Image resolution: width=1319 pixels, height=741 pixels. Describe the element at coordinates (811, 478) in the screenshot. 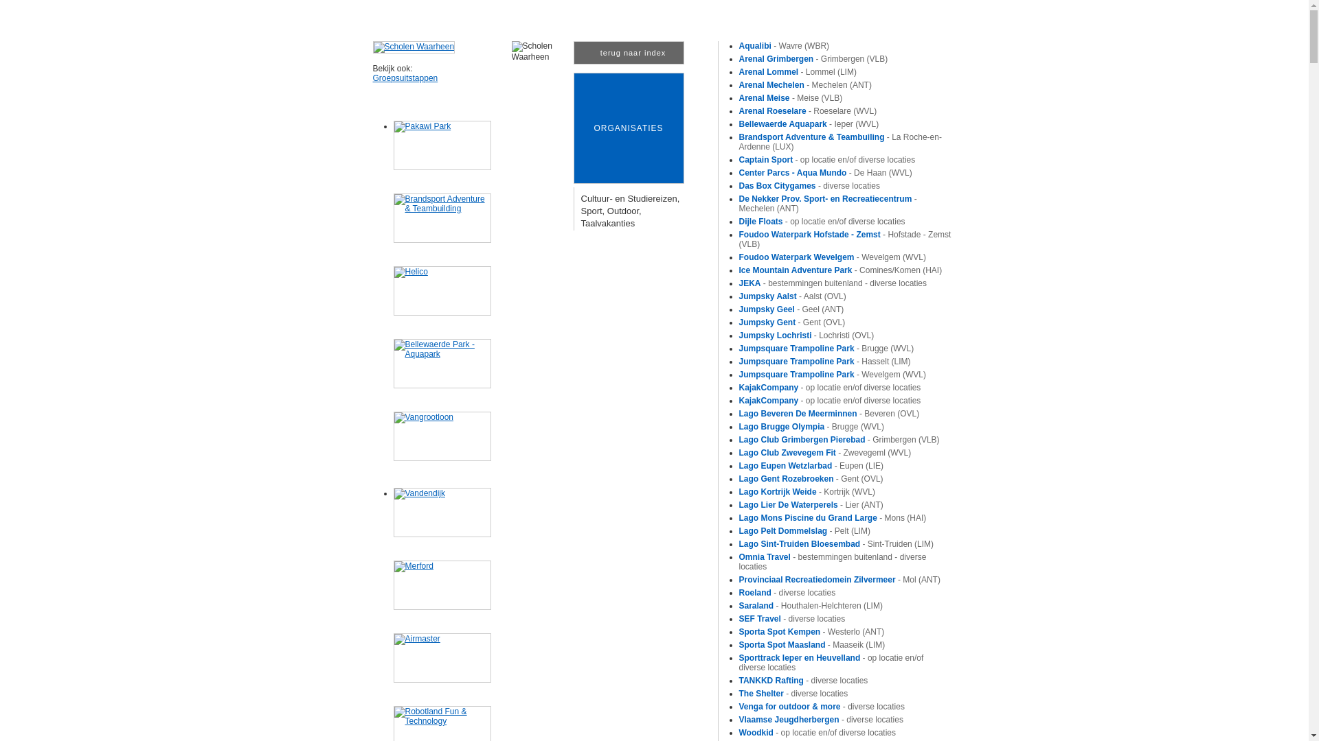

I see `'Lago Gent Rozebroeken - Gent (OVL)'` at that location.